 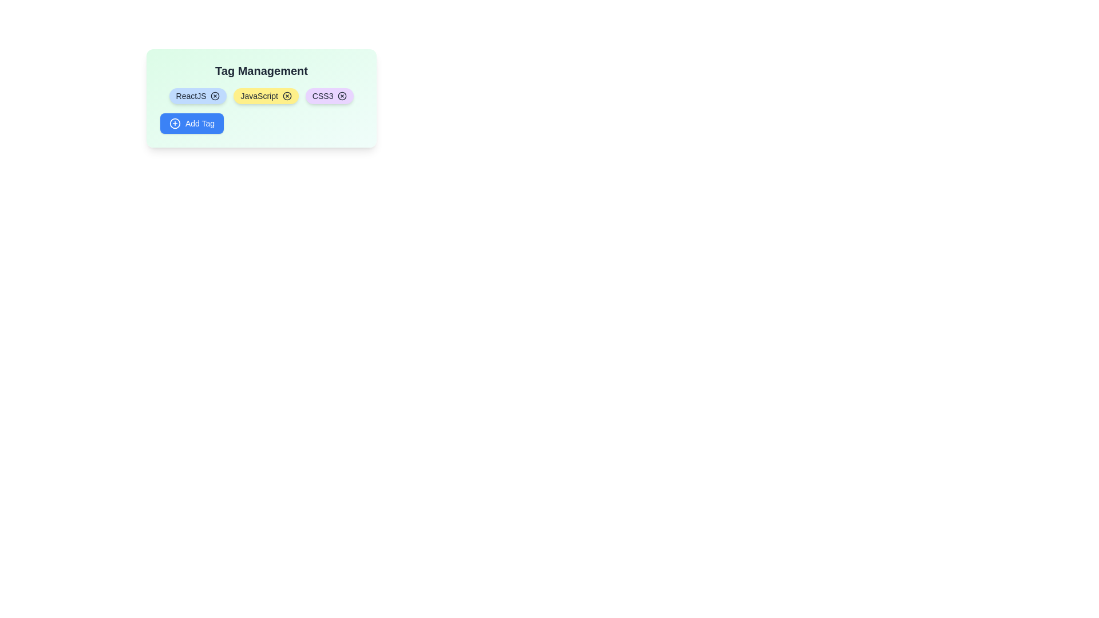 What do you see at coordinates (287, 96) in the screenshot?
I see `'X' button on the JavaScript tag to remove it` at bounding box center [287, 96].